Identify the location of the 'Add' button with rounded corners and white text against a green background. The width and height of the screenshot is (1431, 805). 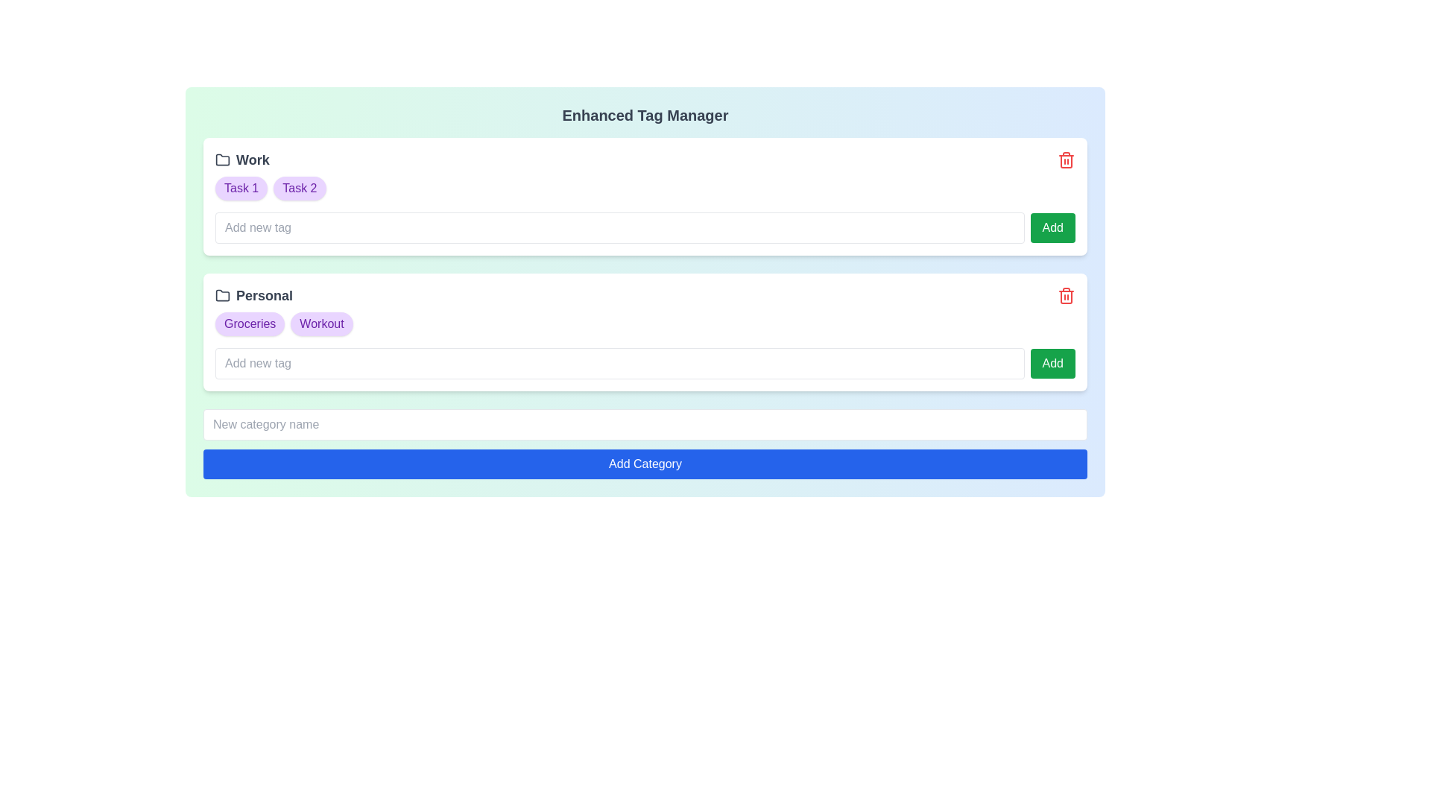
(1051, 364).